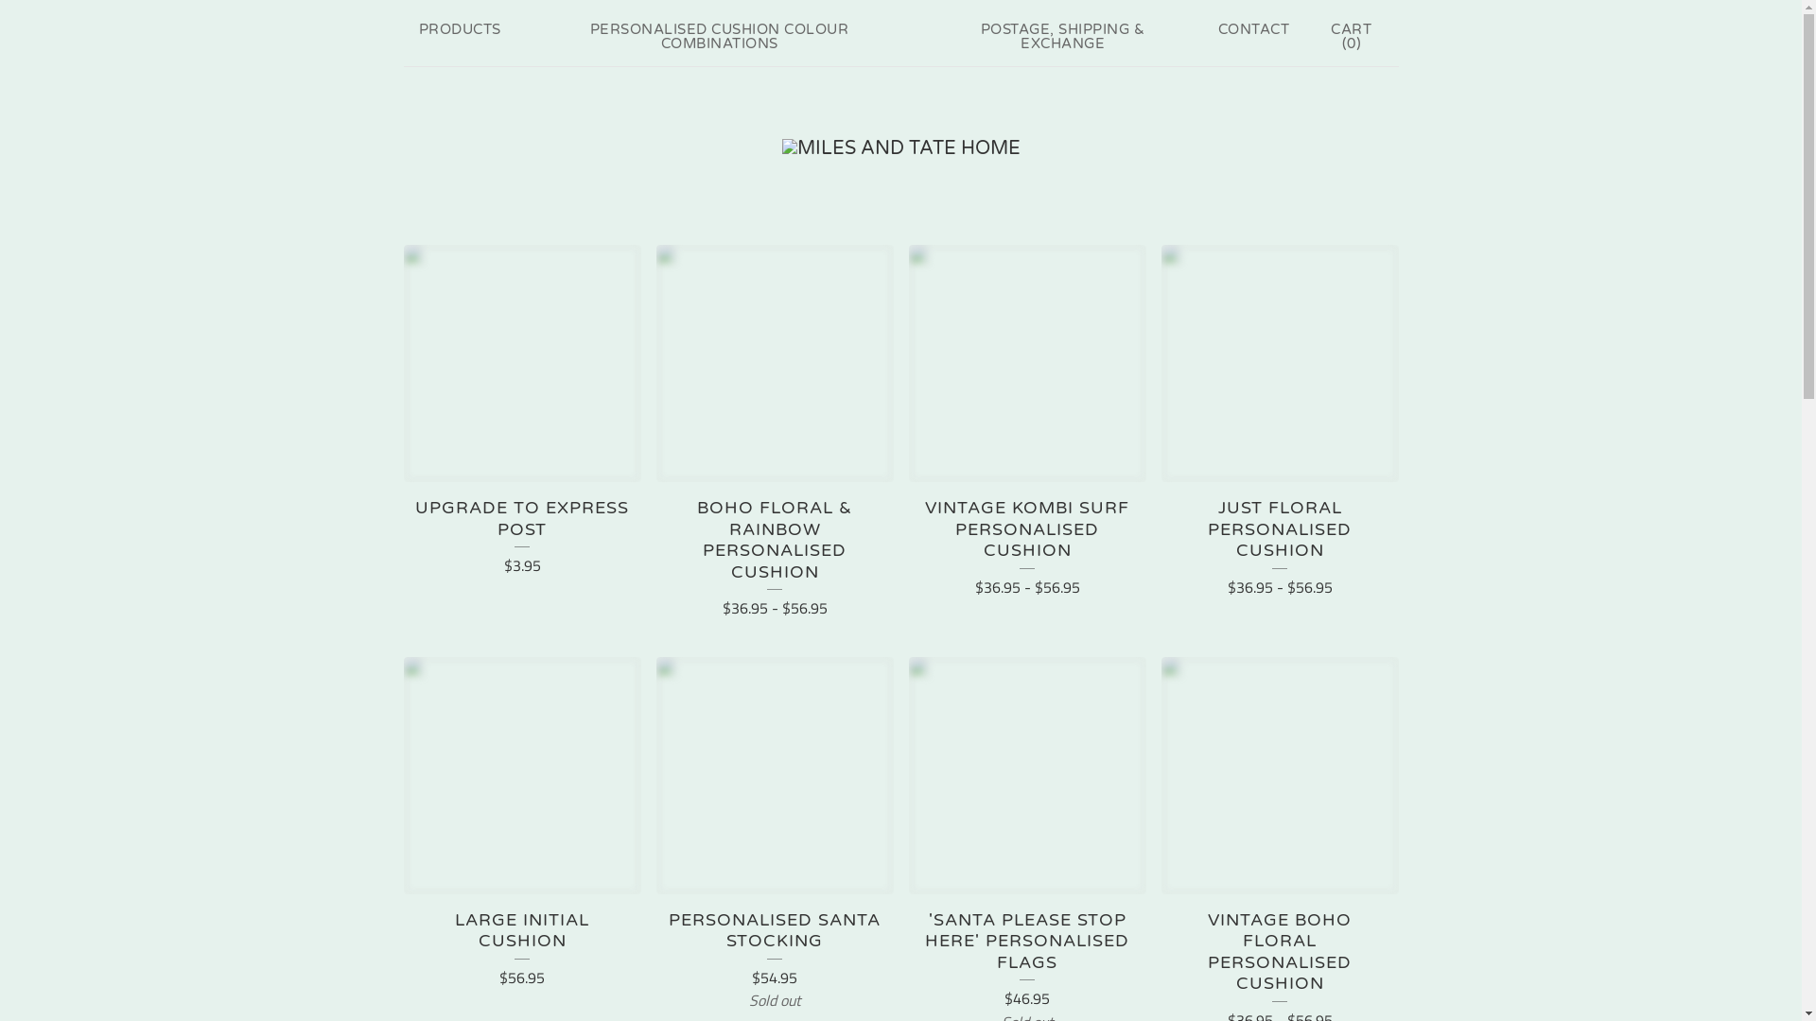 The image size is (1816, 1021). Describe the element at coordinates (899, 147) in the screenshot. I see `'Home'` at that location.